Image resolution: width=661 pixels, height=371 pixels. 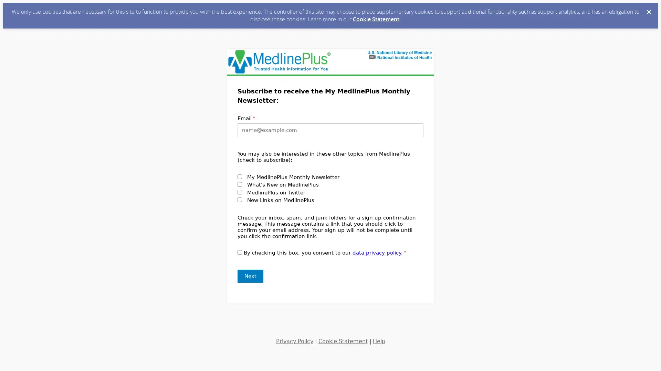 I want to click on Dismiss Cookie Message, so click(x=649, y=12).